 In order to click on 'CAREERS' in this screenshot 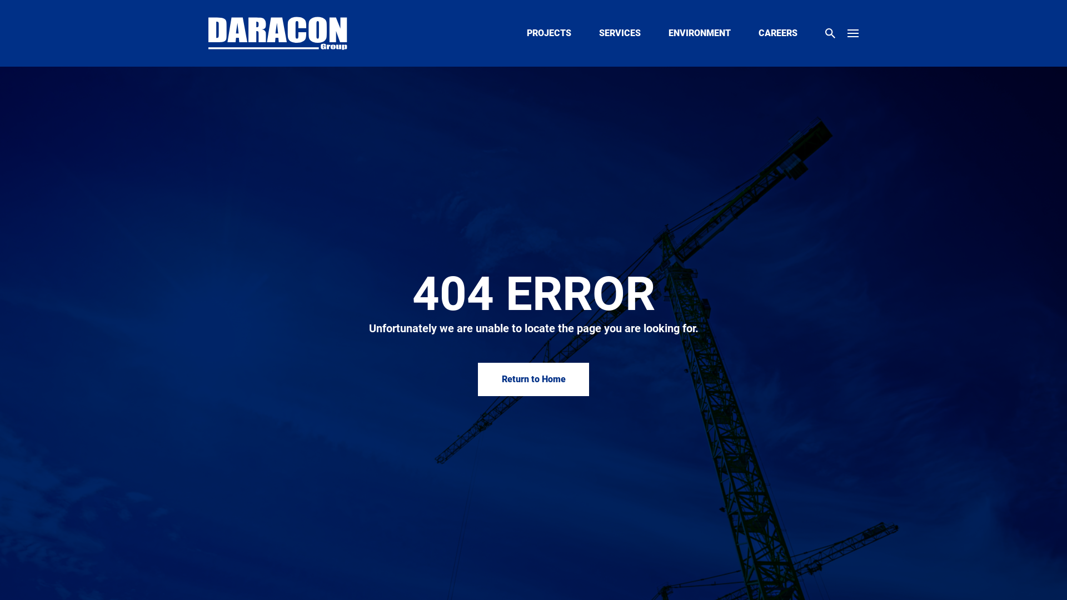, I will do `click(777, 32)`.